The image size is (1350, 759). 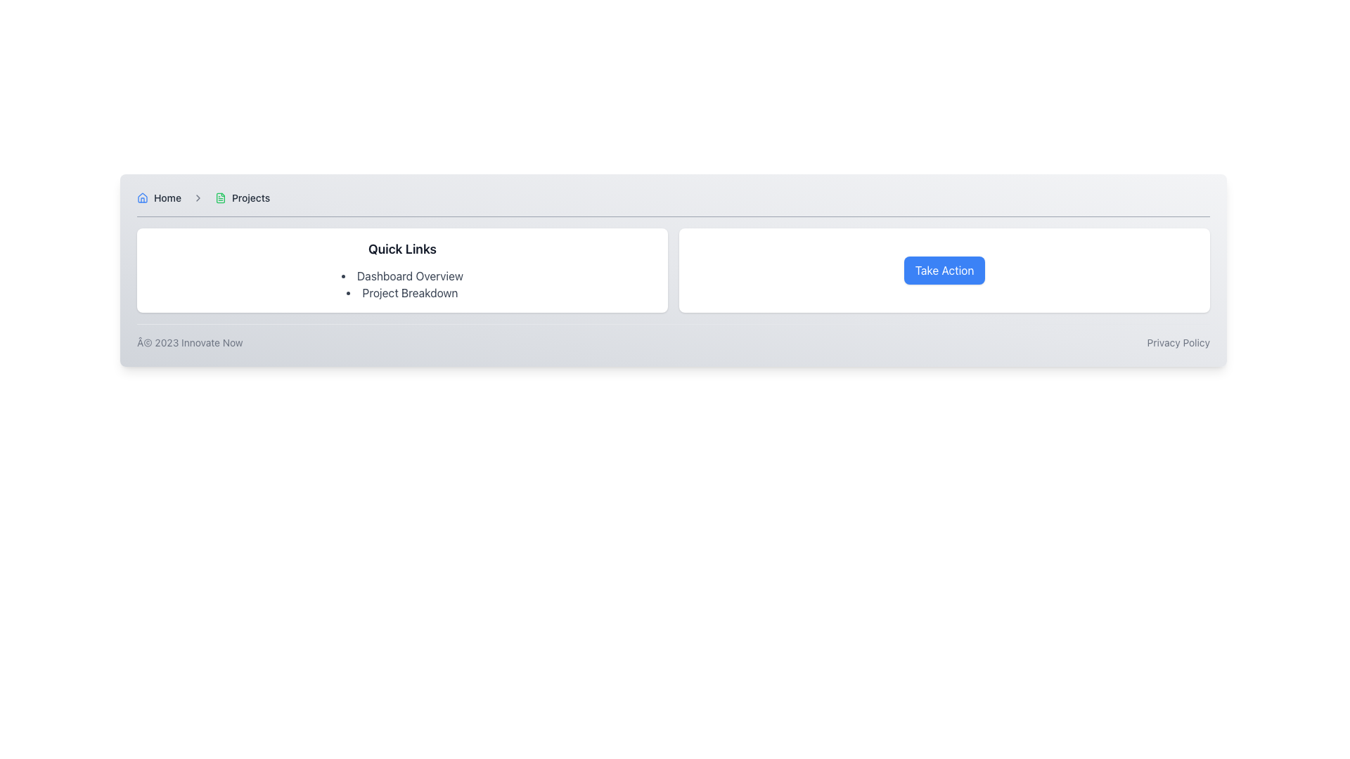 I want to click on the primary rectangular base of the file icon located in the breadcrumb navigation bar at the top of the page, so click(x=219, y=197).